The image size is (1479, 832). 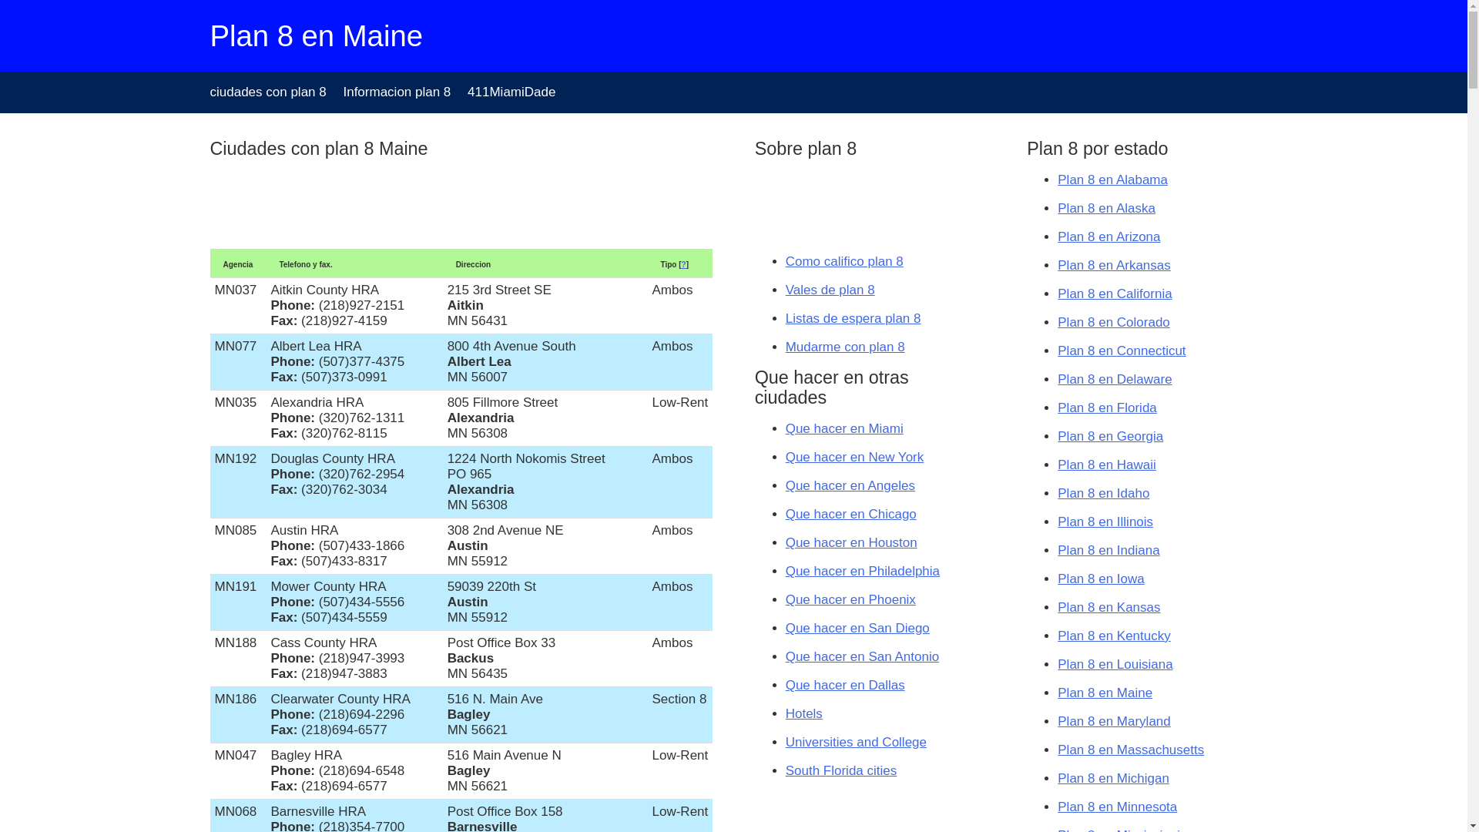 I want to click on 'Como califico plan 8', so click(x=843, y=260).